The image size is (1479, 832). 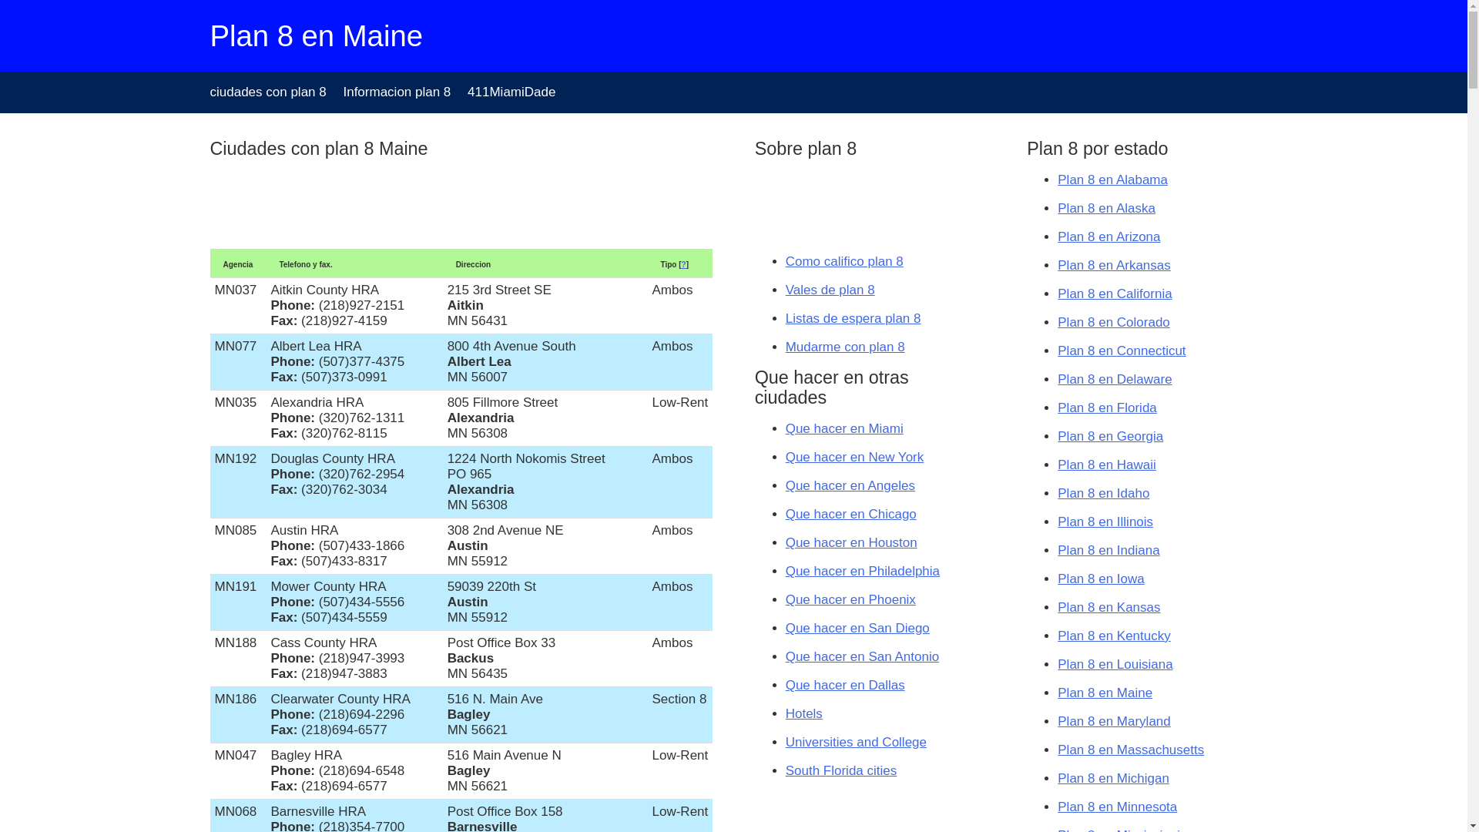 I want to click on 'Como califico plan 8', so click(x=843, y=260).